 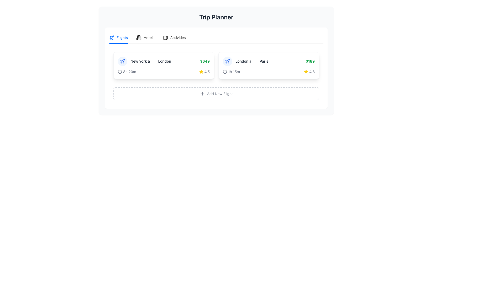 What do you see at coordinates (310, 61) in the screenshot?
I see `price of the flight for the route 'London → Paris' which is displayed as text at the right end of the corresponding row, next to the star rating indicator` at bounding box center [310, 61].